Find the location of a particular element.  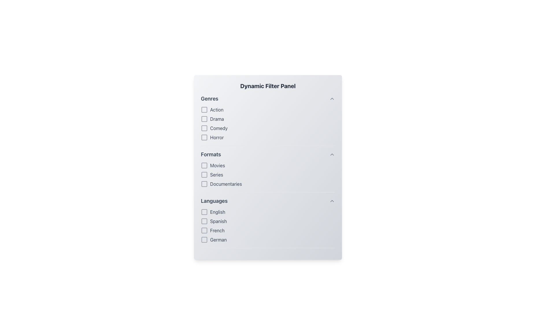

the 'Drama' text label, which is part of the 'Genres' section and displayed in dark gray sans-serif font, positioned to the right of the checkbox element is located at coordinates (217, 119).